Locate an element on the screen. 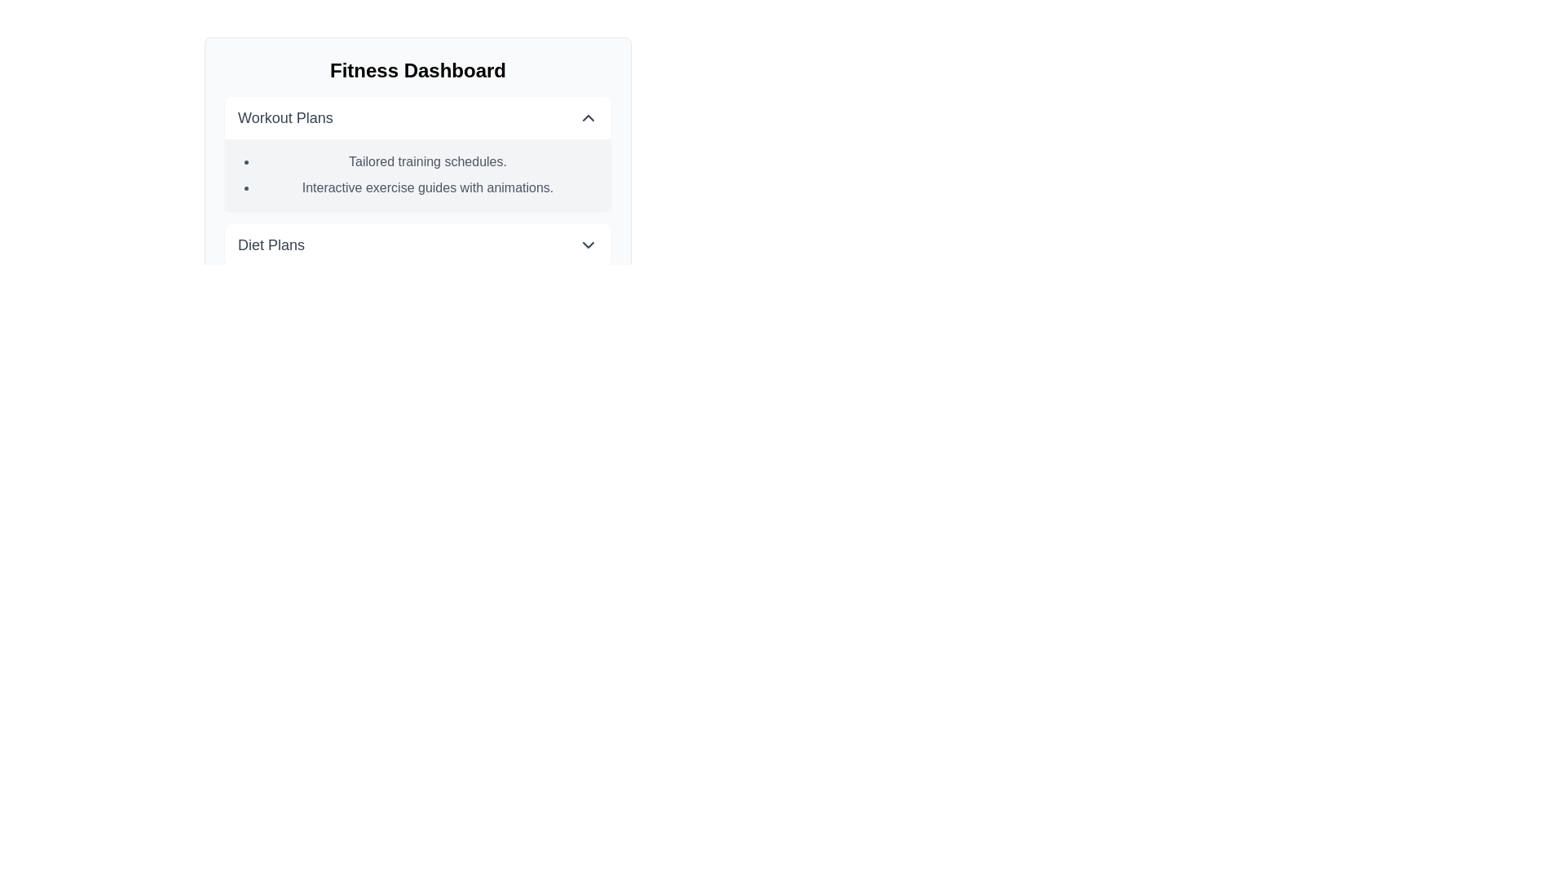 The image size is (1565, 880). text information from the first bullet point item under the 'Workout Plans' header in the 'Fitness Dashboard' is located at coordinates (427, 162).